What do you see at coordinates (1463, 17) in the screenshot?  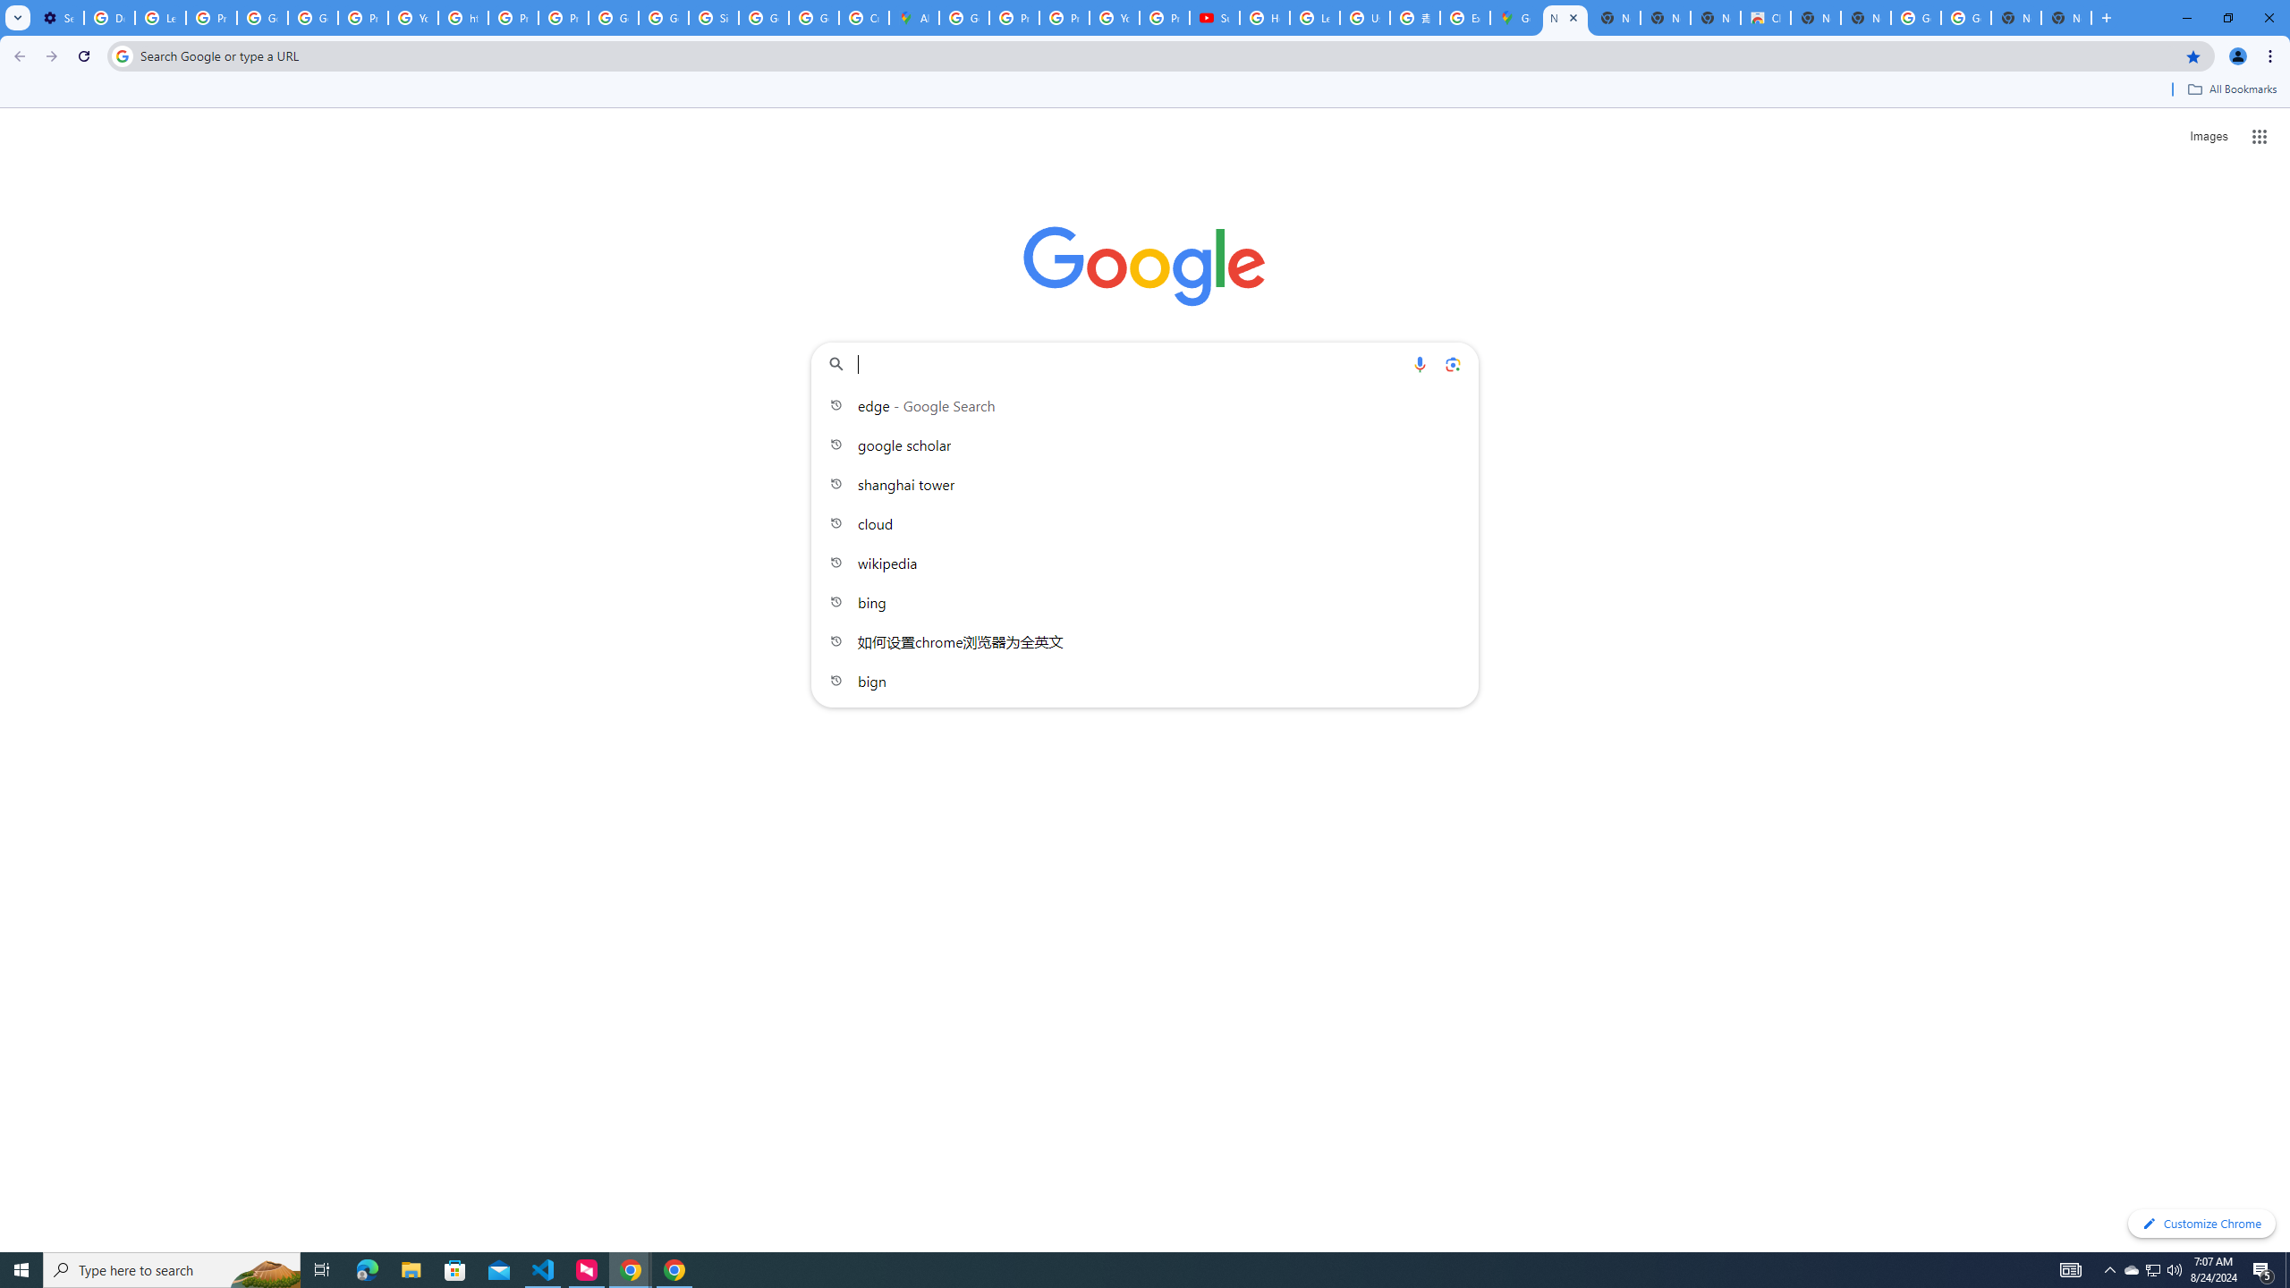 I see `'Explore new street-level details - Google Maps Help'` at bounding box center [1463, 17].